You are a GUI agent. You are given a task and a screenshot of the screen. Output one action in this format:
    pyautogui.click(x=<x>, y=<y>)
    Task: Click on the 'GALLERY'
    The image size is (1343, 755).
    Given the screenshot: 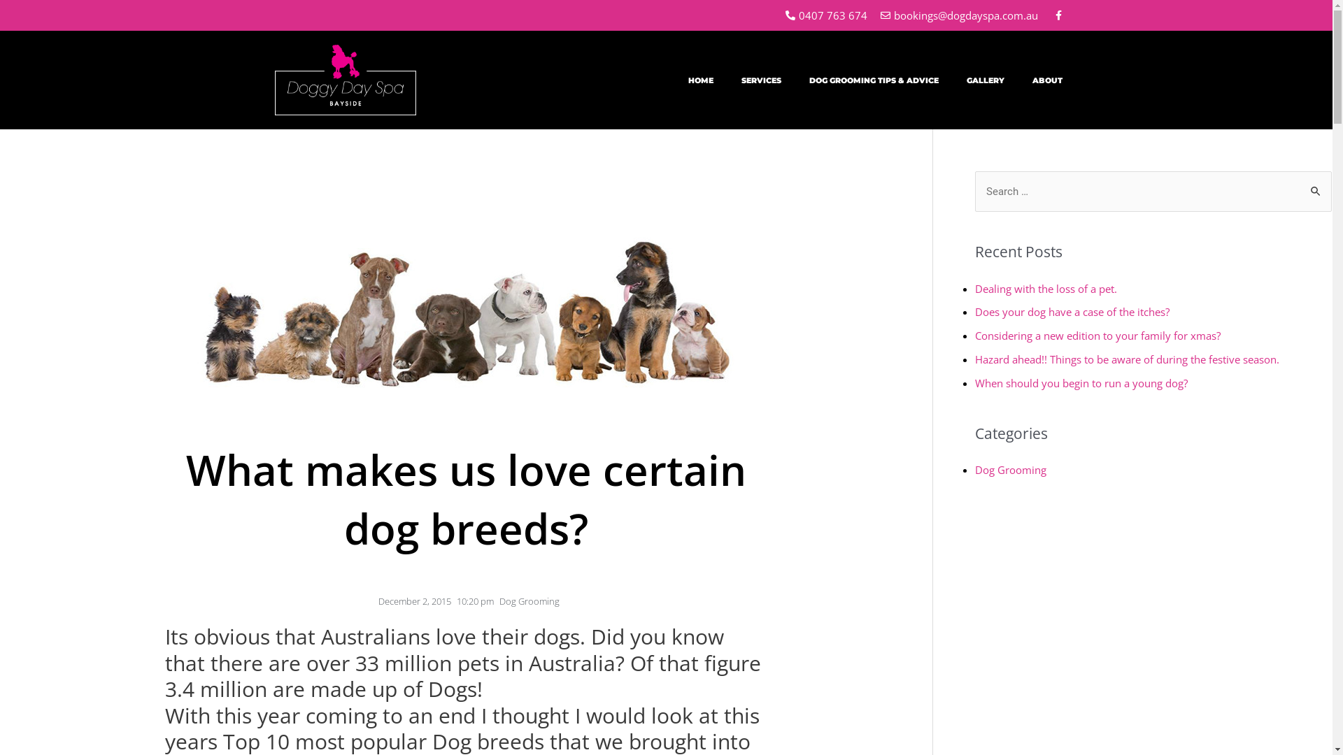 What is the action you would take?
    pyautogui.click(x=985, y=80)
    